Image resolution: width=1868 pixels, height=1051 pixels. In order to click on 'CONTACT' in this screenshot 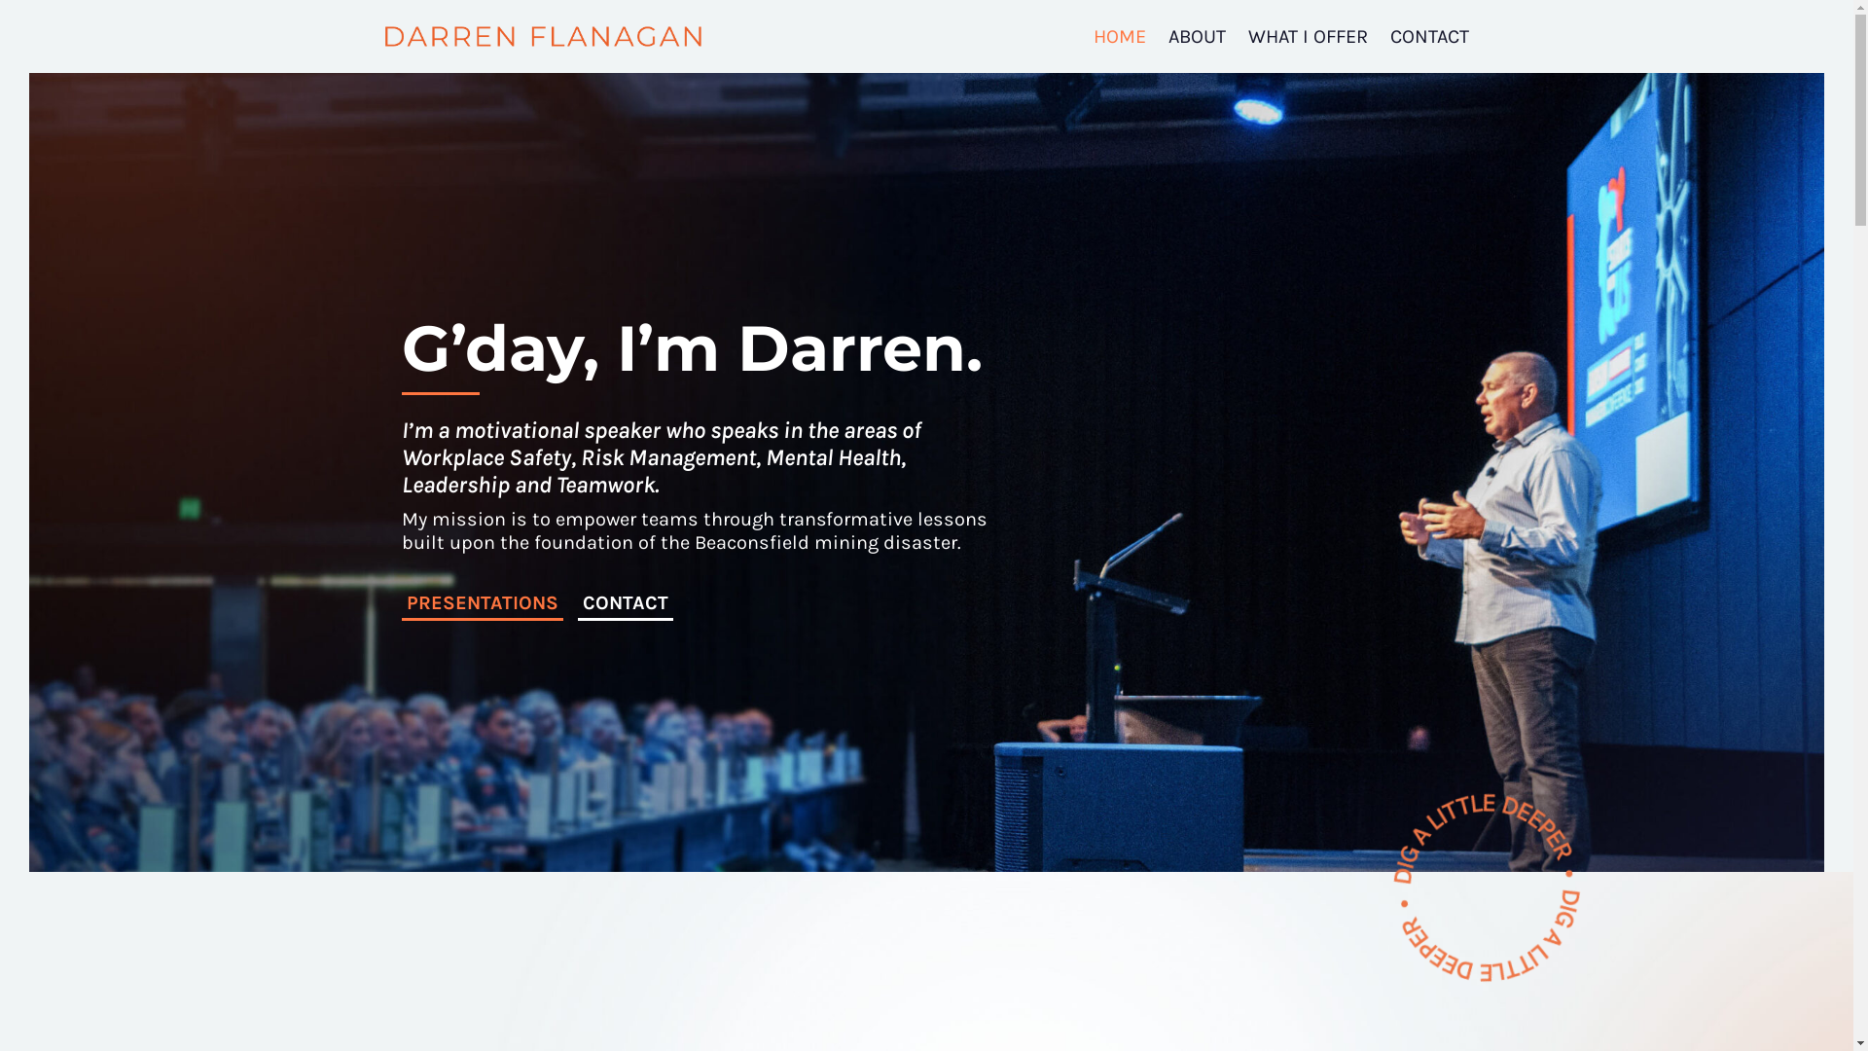, I will do `click(626, 603)`.